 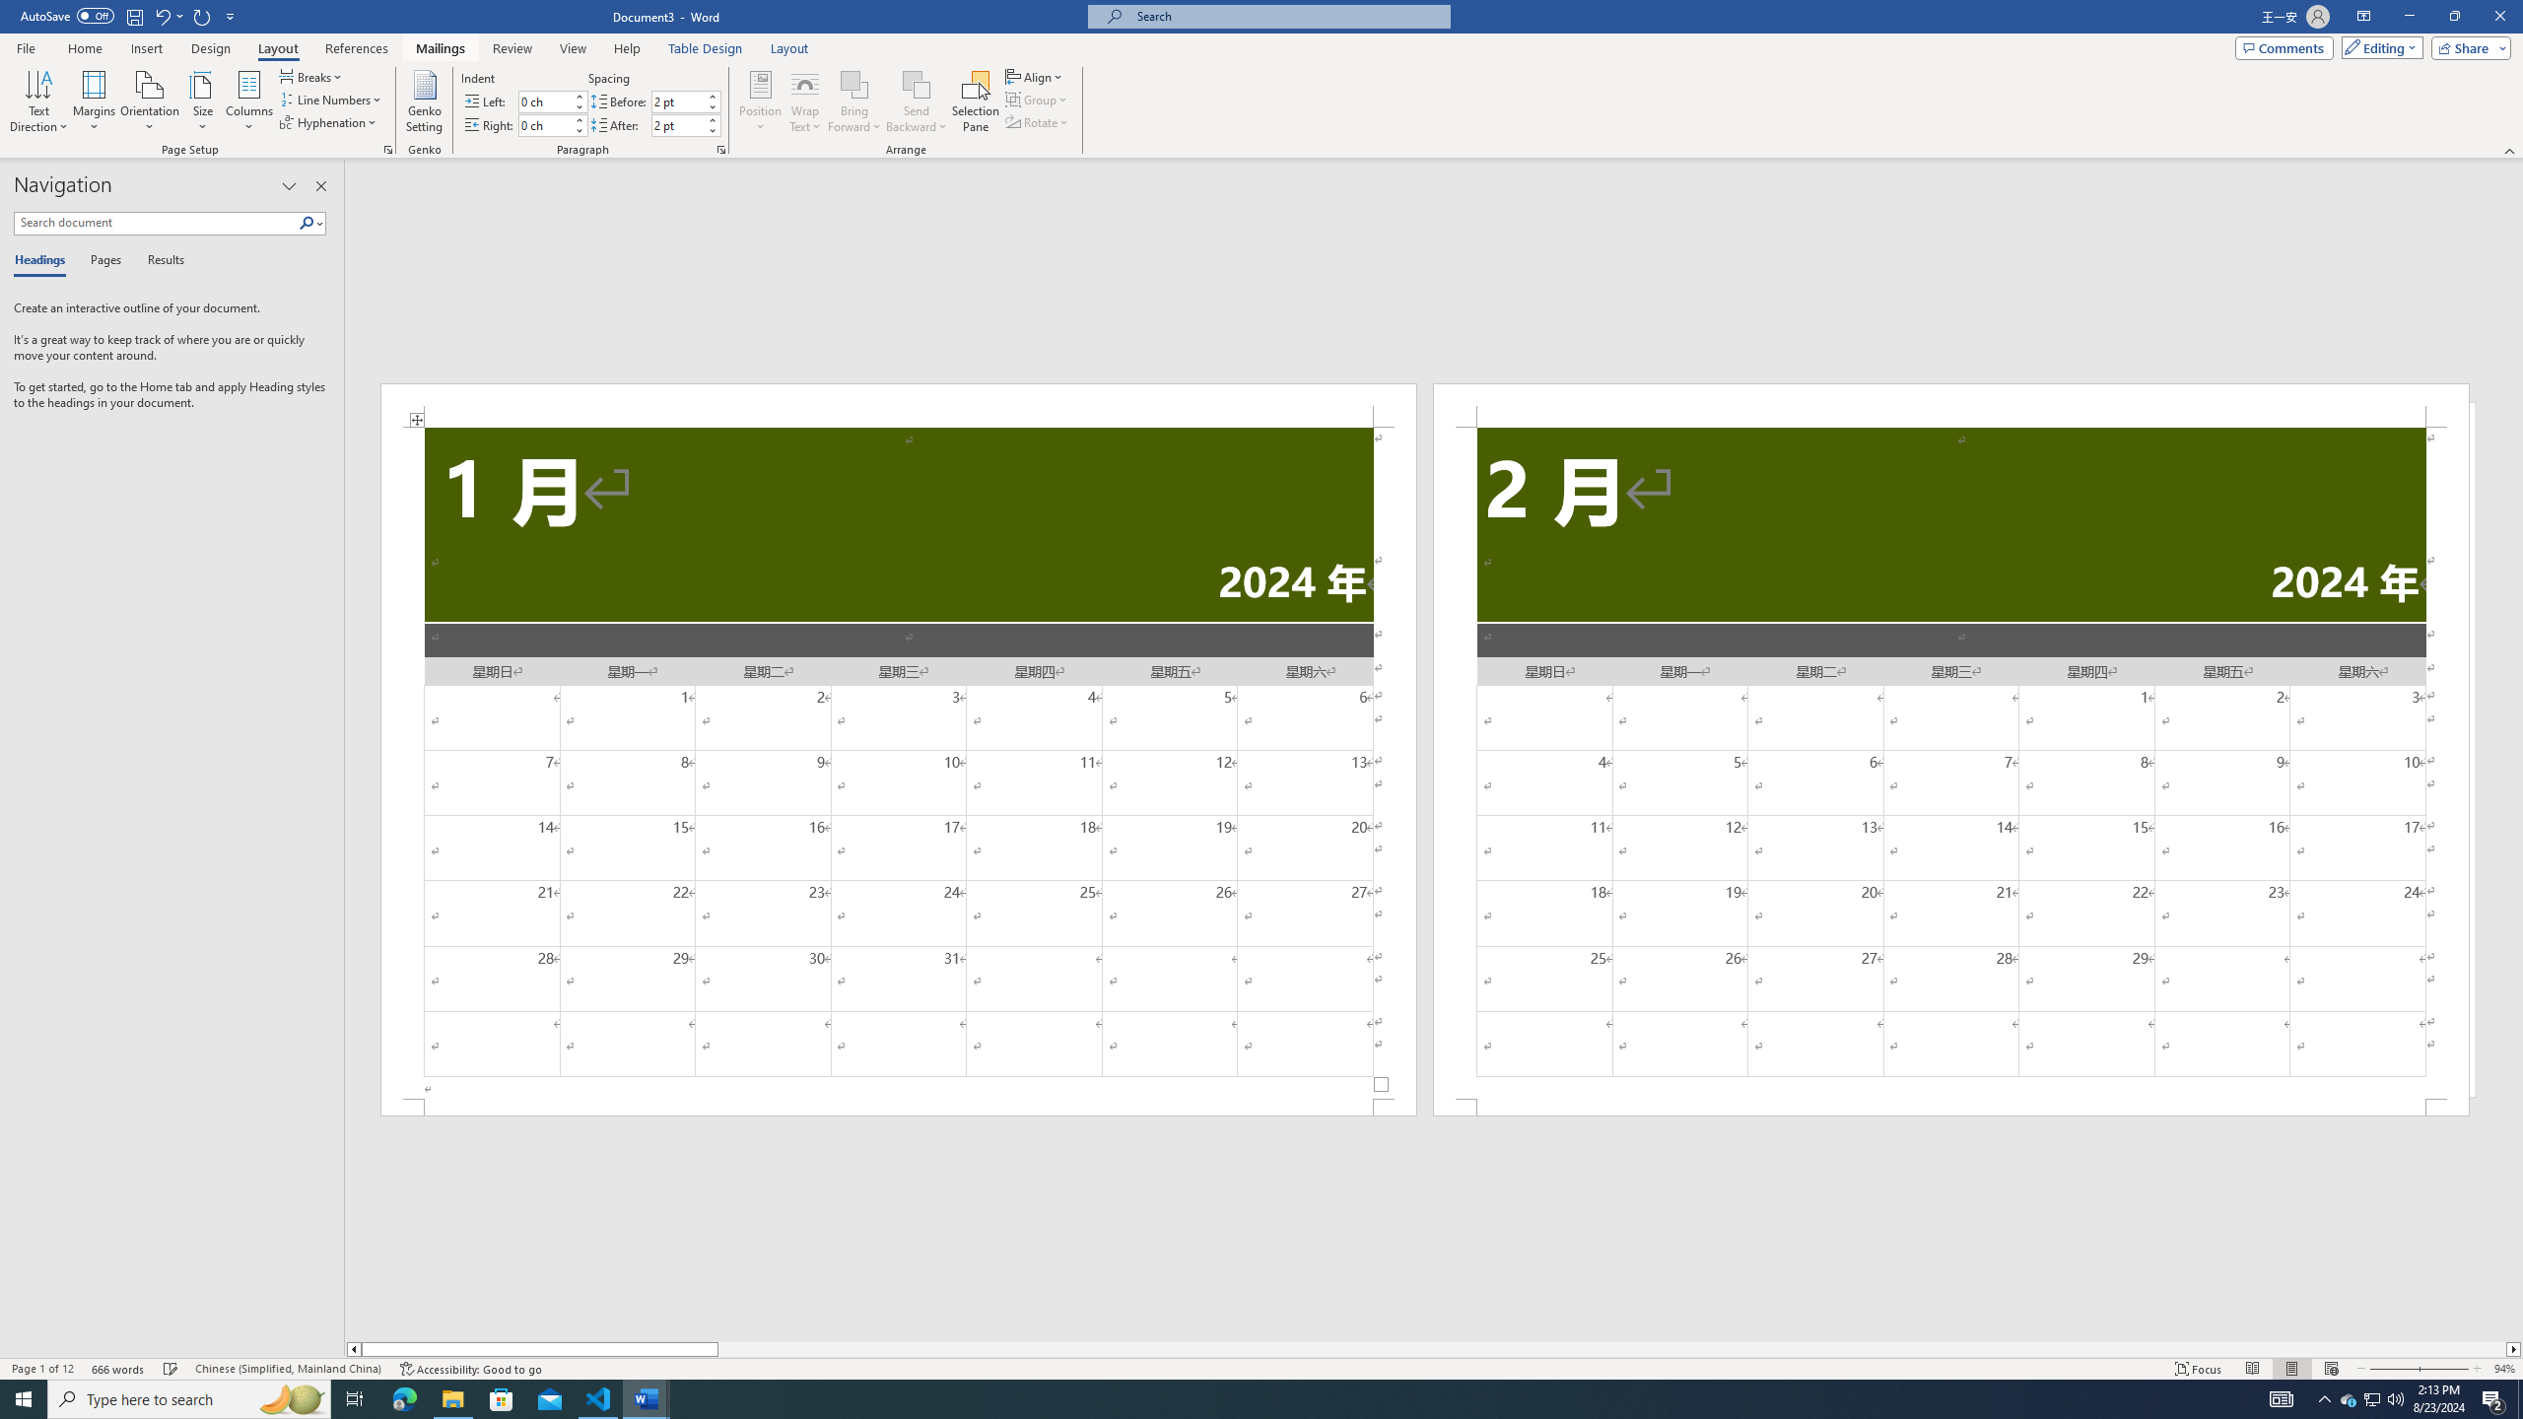 What do you see at coordinates (310, 222) in the screenshot?
I see `'Search'` at bounding box center [310, 222].